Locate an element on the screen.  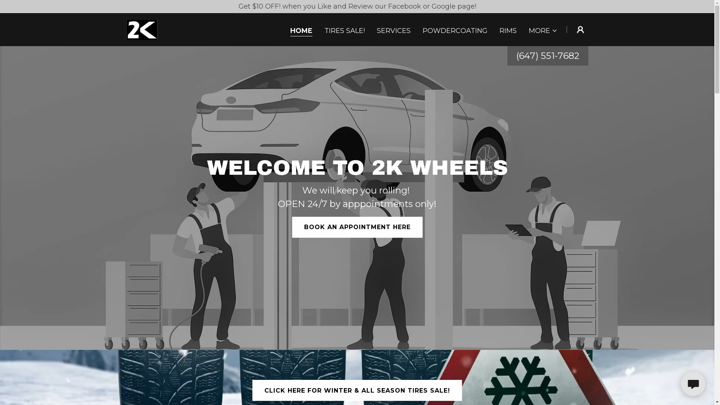
'CLICK HERE FOR WINTER & ALL SEASON TIRES SALE!' is located at coordinates (357, 390).